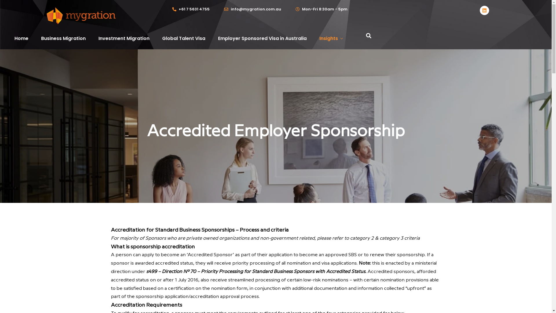 Image resolution: width=556 pixels, height=313 pixels. I want to click on 'Employer Sponsored Visa in Australia', so click(262, 39).